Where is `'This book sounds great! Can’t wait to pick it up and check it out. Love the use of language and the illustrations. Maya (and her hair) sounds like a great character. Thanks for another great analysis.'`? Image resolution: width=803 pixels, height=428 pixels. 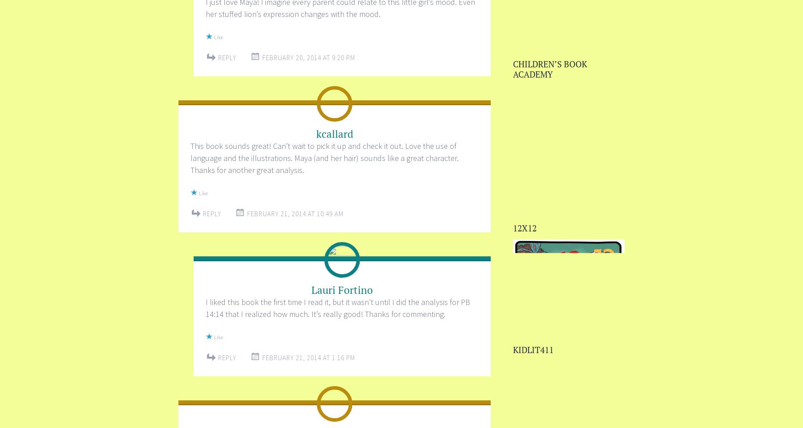
'This book sounds great! Can’t wait to pick it up and check it out. Love the use of language and the illustrations. Maya (and her hair) sounds like a great character. Thanks for another great analysis.' is located at coordinates (324, 158).